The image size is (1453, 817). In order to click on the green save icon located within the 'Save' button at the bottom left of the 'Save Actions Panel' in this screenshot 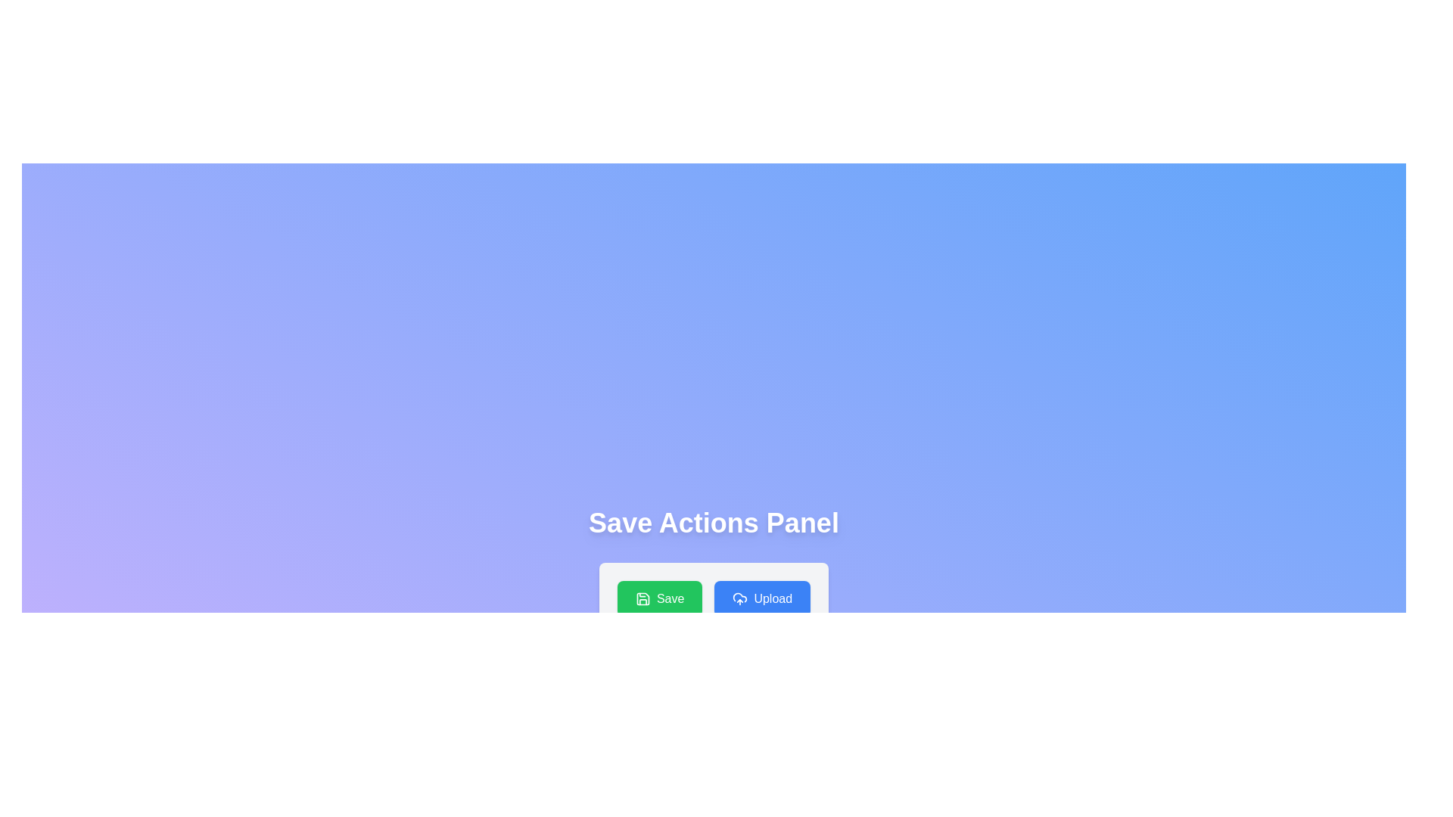, I will do `click(642, 598)`.